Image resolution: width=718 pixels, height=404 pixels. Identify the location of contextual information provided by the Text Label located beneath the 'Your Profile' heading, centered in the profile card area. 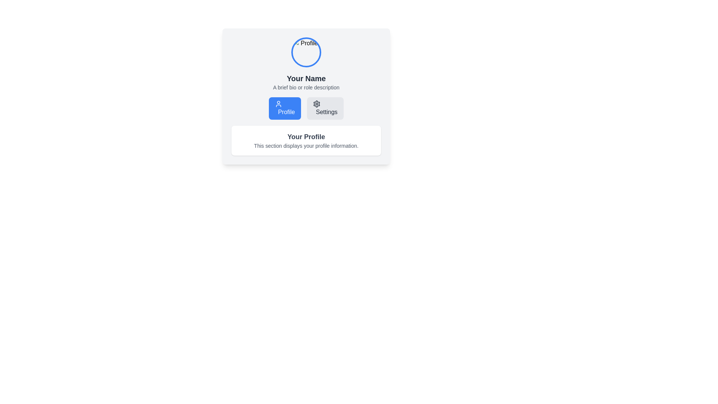
(306, 146).